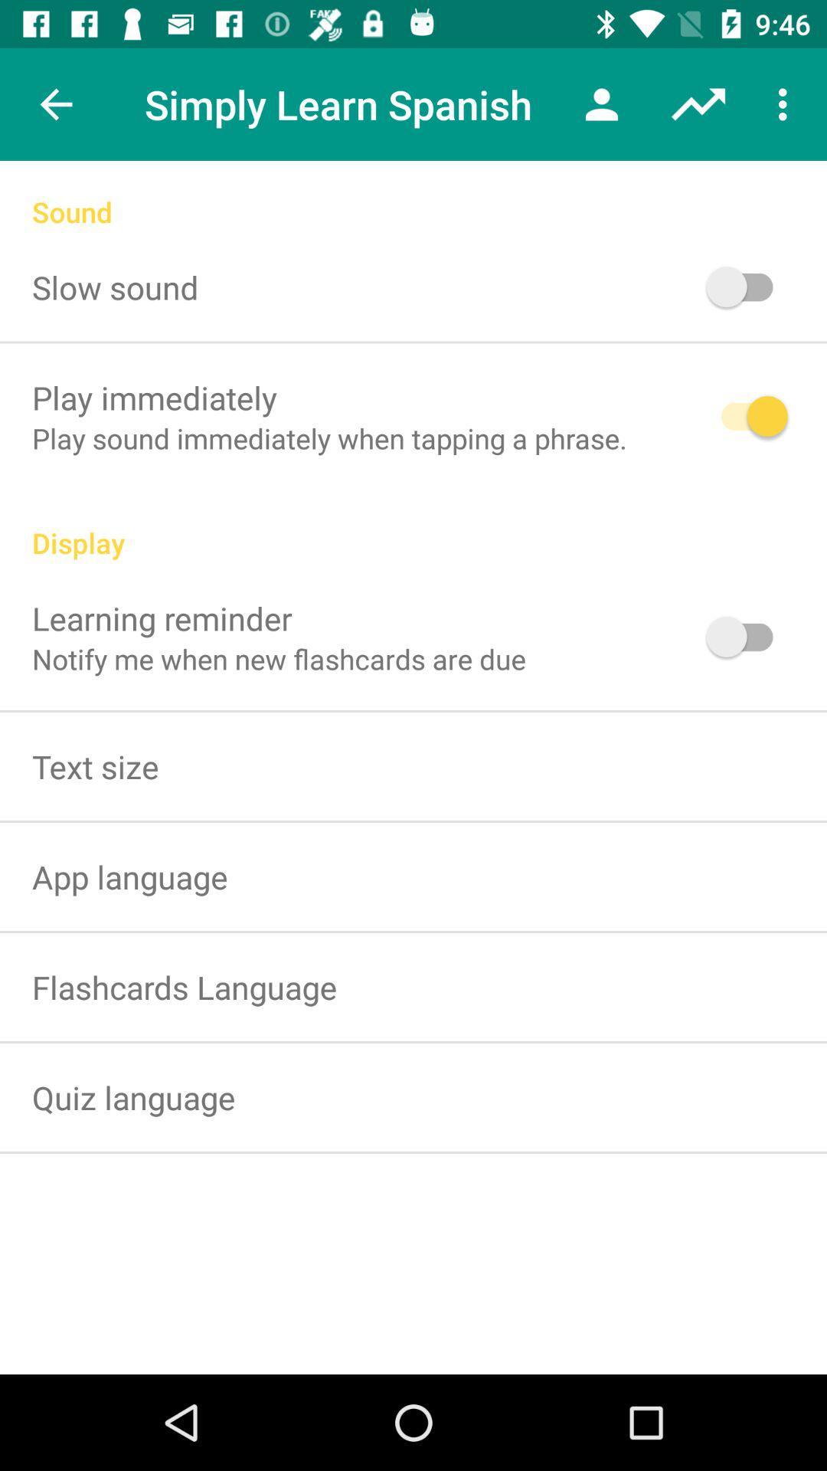 The height and width of the screenshot is (1471, 827). Describe the element at coordinates (162, 618) in the screenshot. I see `the icon below display icon` at that location.